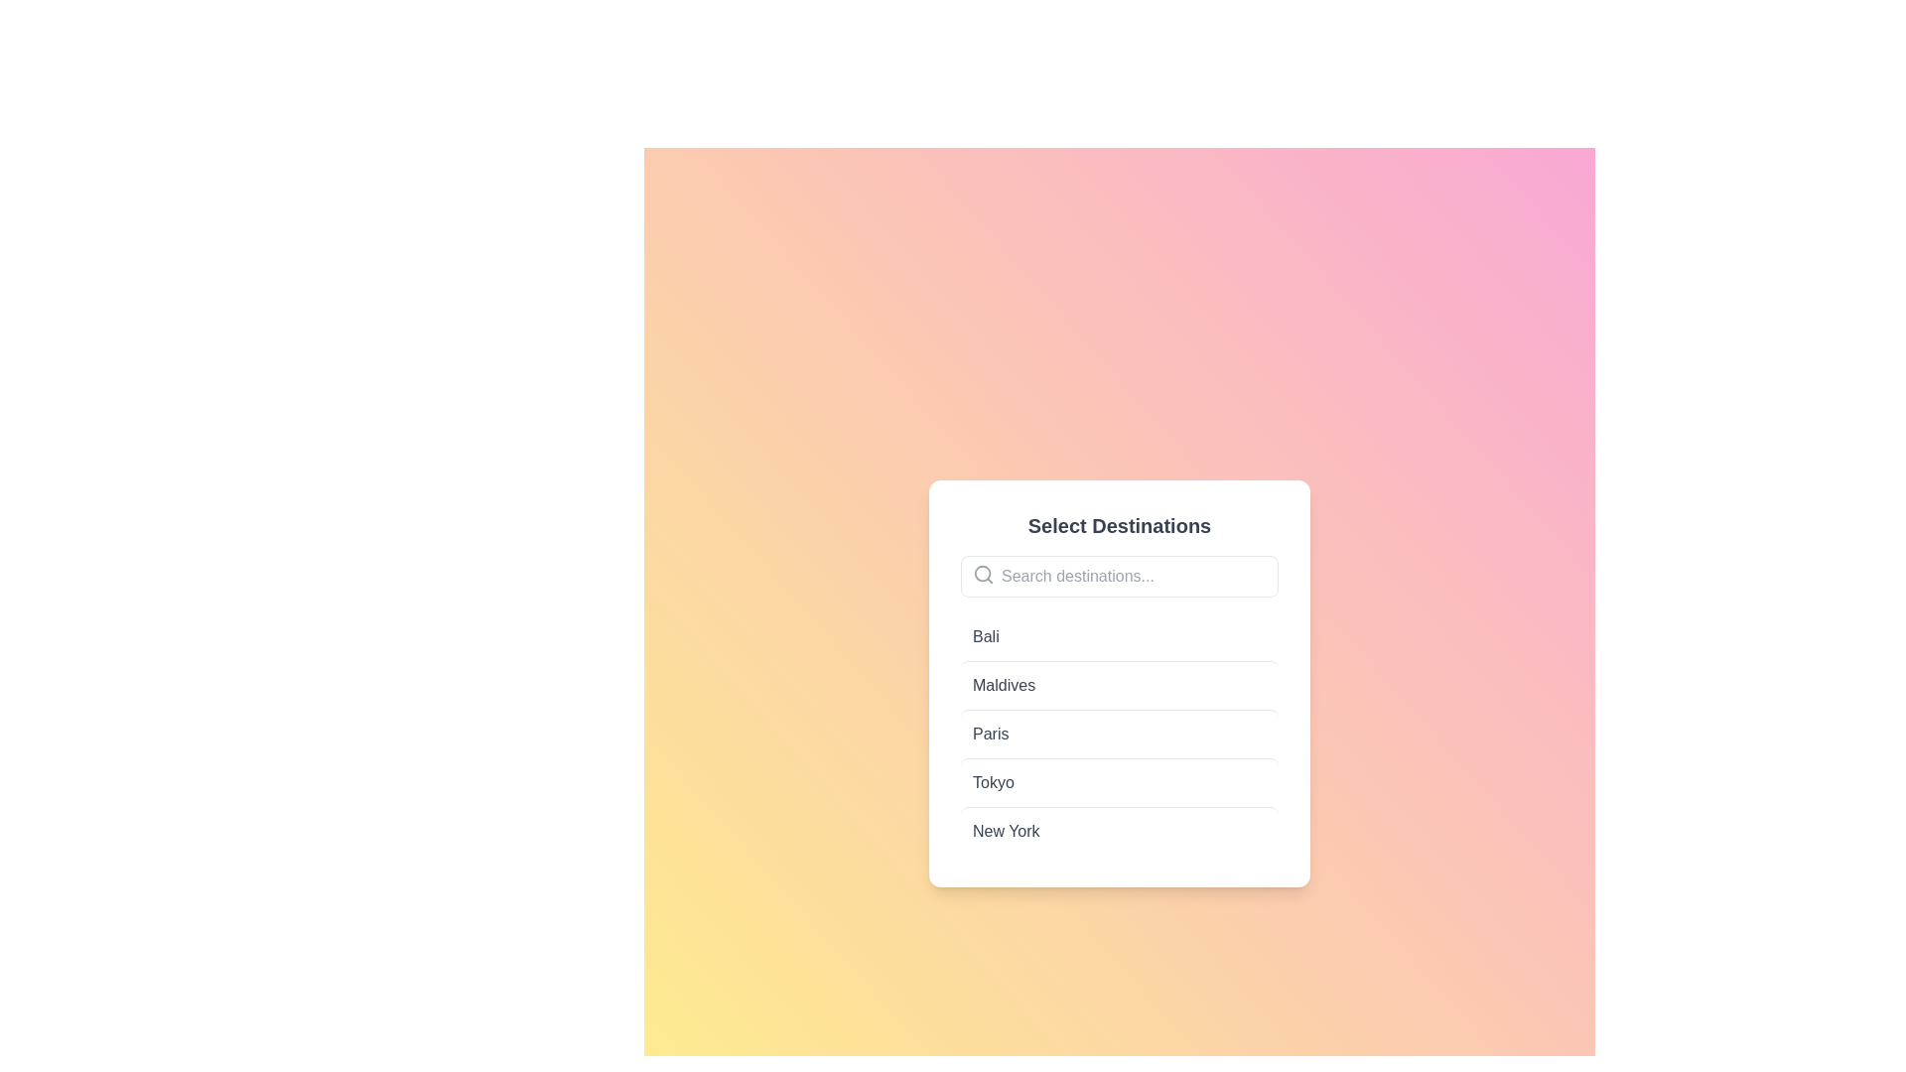 This screenshot has width=1906, height=1072. Describe the element at coordinates (1120, 735) in the screenshot. I see `the 'Paris' destination list item, which is the third item in a vertical list under 'Bali' and 'Maldives'` at that location.